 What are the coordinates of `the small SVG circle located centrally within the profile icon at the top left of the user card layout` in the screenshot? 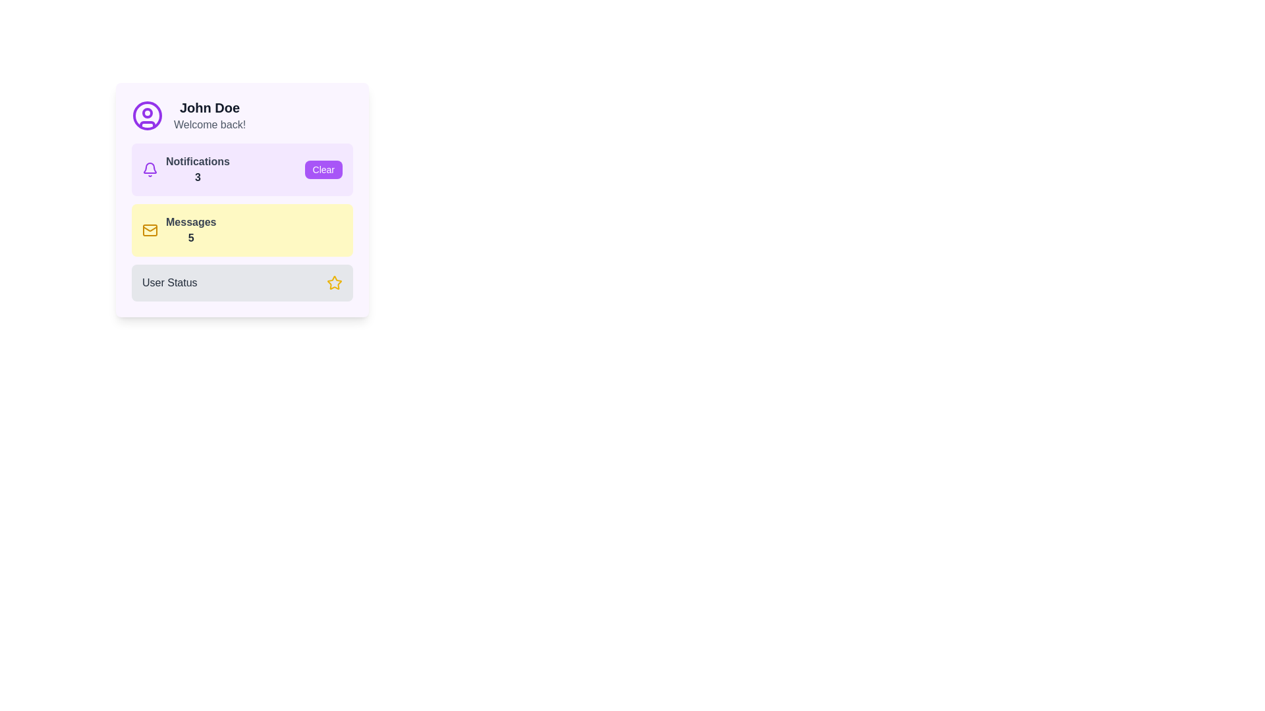 It's located at (148, 113).